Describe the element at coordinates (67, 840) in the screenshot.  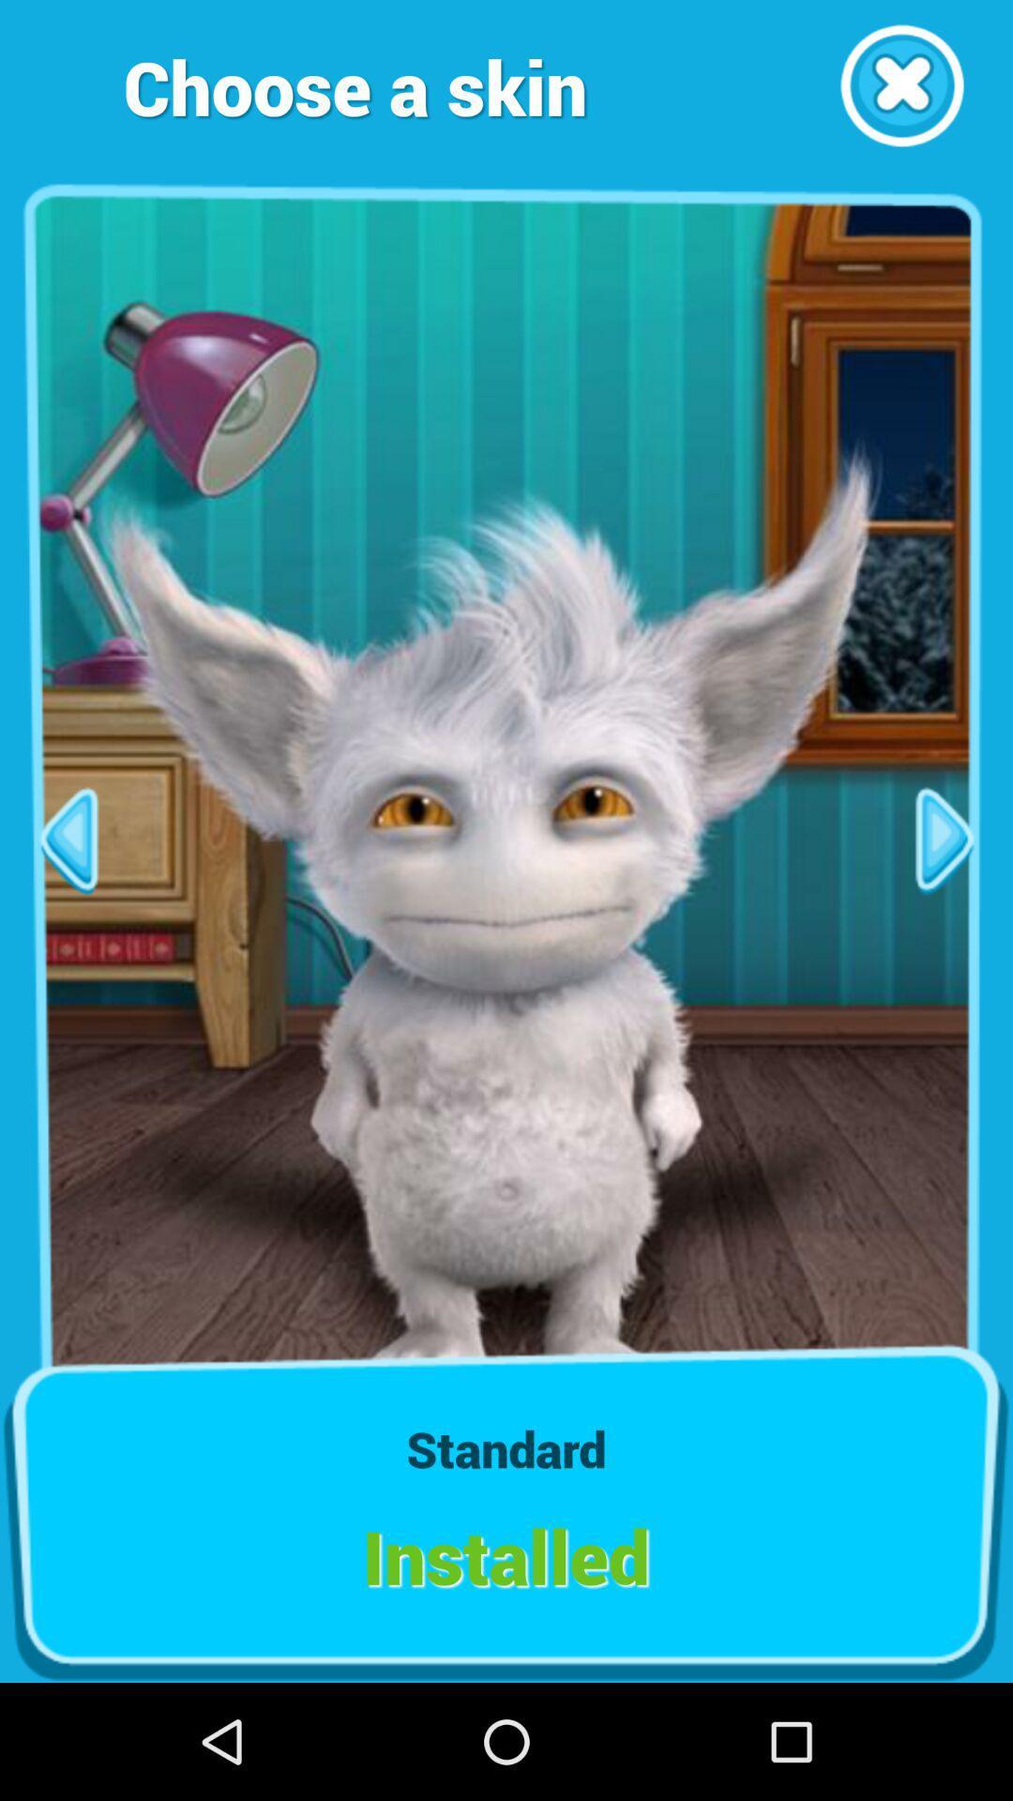
I see `go back` at that location.